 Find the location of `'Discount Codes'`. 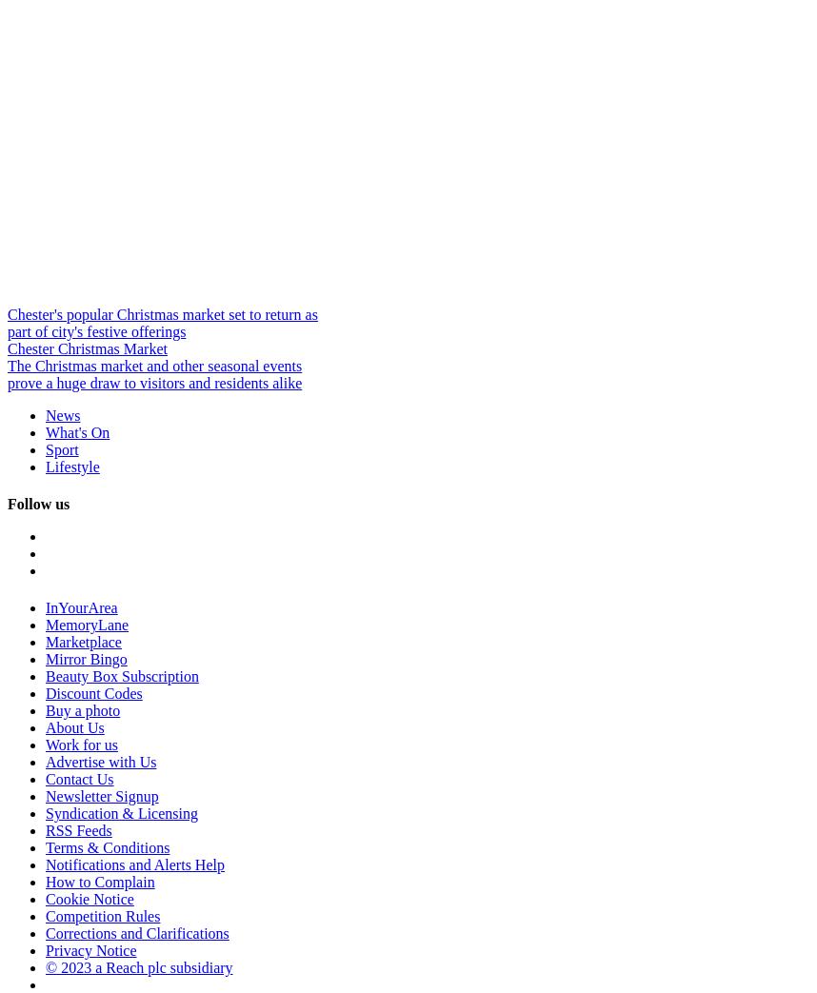

'Discount Codes' is located at coordinates (44, 693).